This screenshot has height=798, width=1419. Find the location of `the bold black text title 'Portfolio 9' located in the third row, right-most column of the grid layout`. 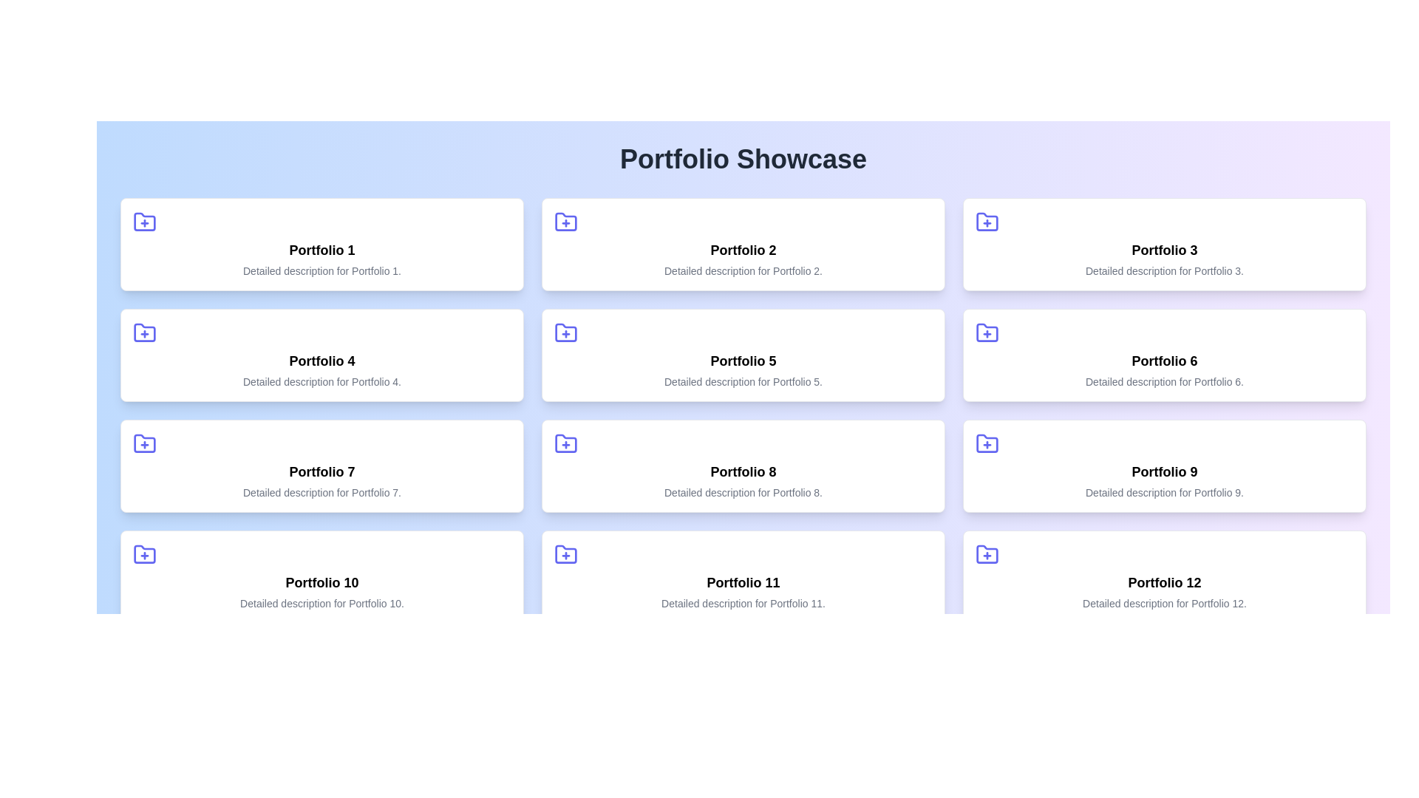

the bold black text title 'Portfolio 9' located in the third row, right-most column of the grid layout is located at coordinates (1163, 472).